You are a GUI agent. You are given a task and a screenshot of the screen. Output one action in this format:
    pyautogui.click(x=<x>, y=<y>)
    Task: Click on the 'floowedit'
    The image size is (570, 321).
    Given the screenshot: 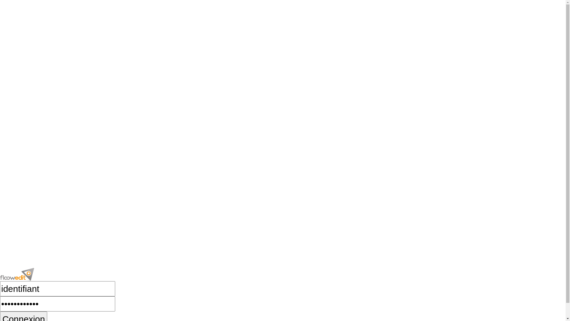 What is the action you would take?
    pyautogui.click(x=17, y=274)
    